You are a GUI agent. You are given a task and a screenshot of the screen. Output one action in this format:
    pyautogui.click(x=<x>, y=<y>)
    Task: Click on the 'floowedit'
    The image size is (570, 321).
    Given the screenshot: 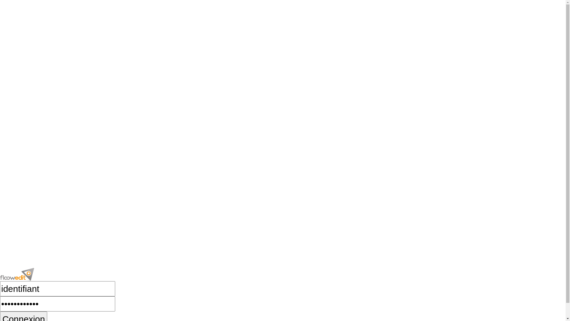 What is the action you would take?
    pyautogui.click(x=17, y=274)
    